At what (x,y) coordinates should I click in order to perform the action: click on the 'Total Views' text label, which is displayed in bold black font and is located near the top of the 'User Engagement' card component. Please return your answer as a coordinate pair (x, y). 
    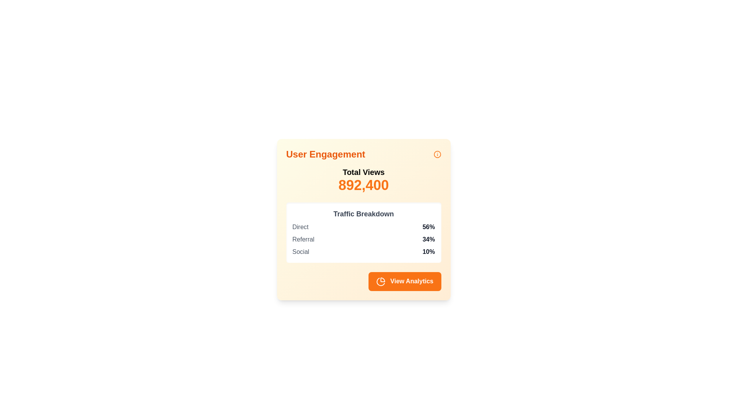
    Looking at the image, I should click on (363, 171).